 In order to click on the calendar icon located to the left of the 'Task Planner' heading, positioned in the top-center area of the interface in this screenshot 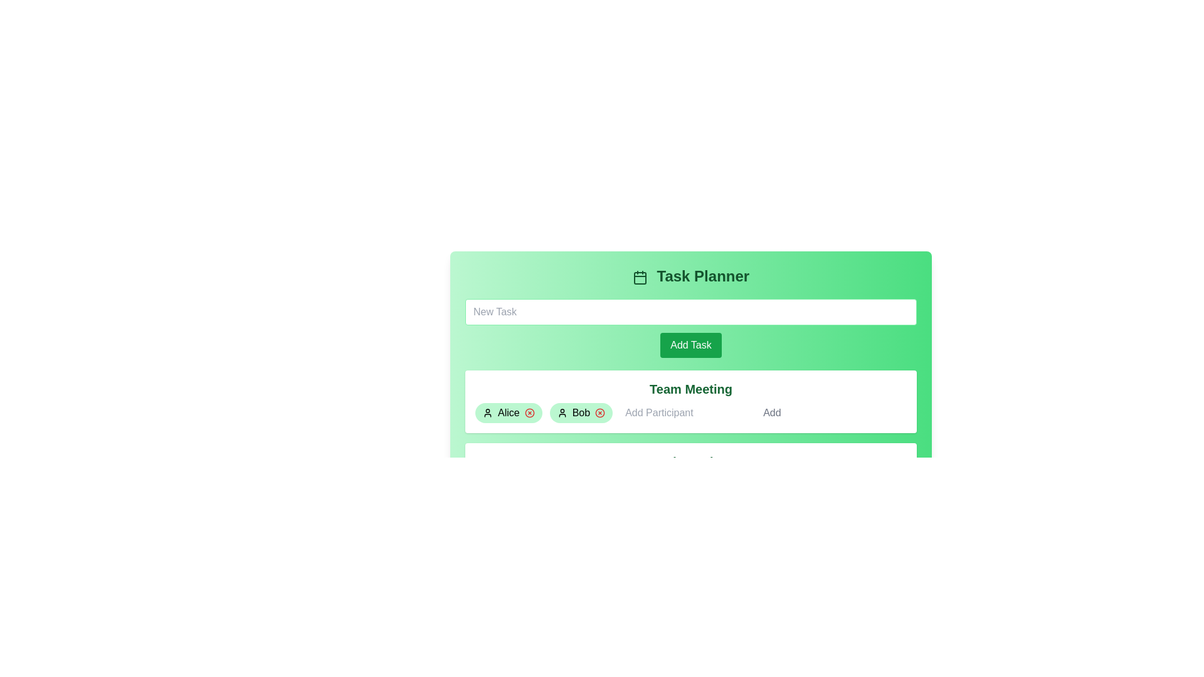, I will do `click(640, 276)`.